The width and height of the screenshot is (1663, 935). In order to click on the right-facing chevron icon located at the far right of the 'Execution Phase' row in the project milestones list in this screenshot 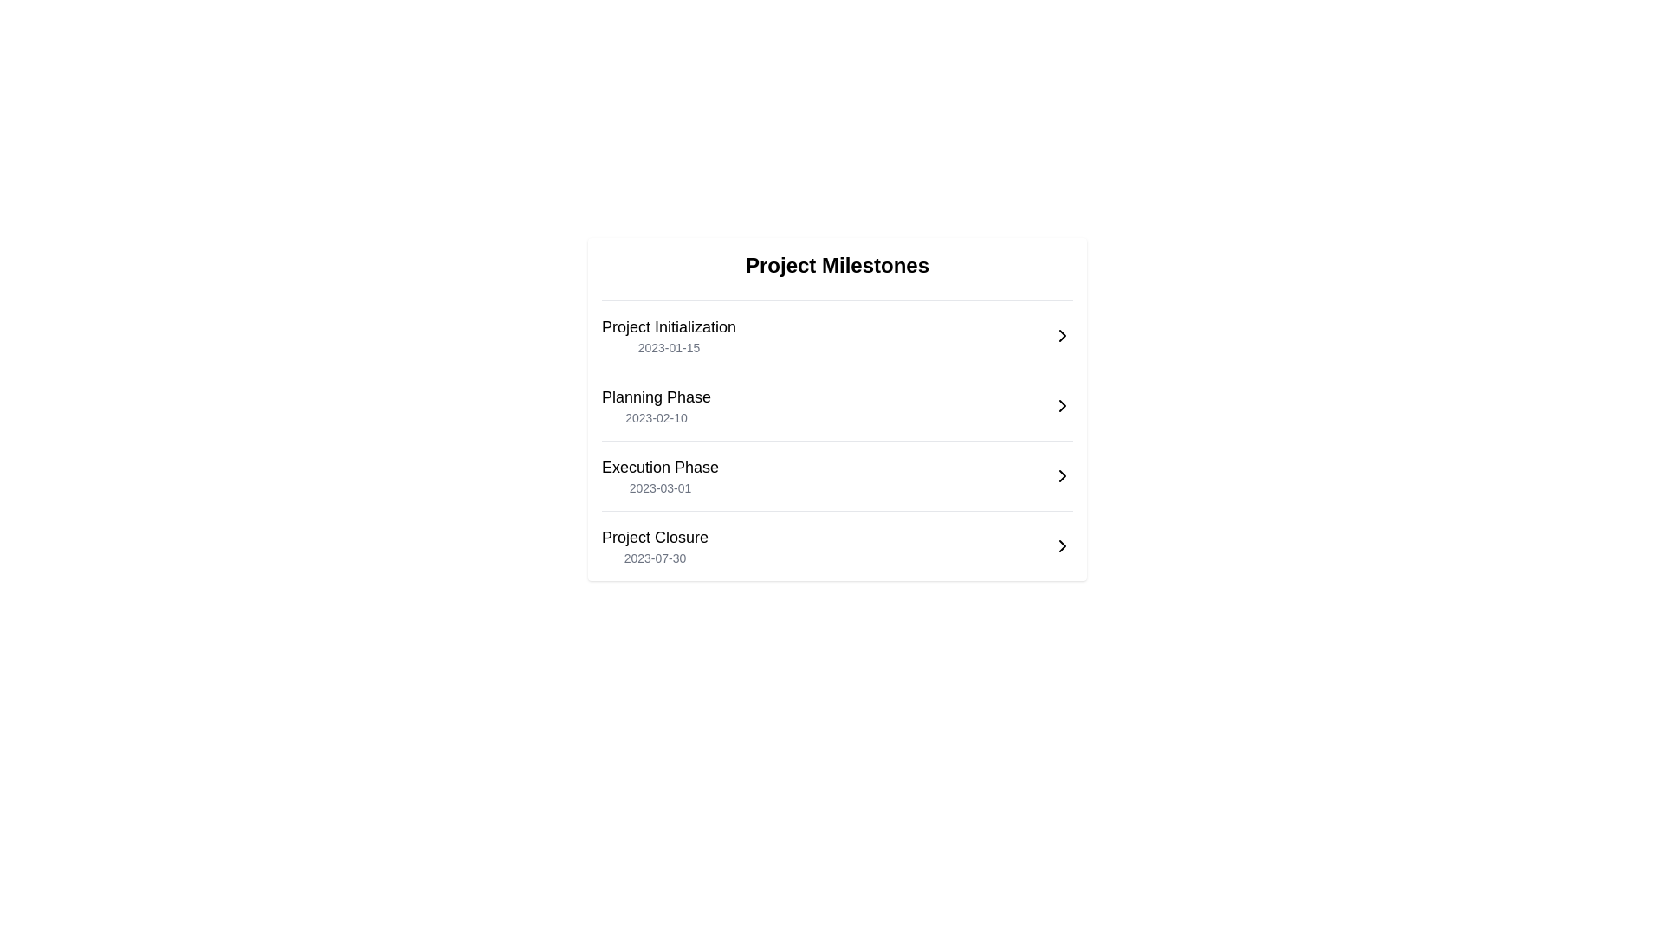, I will do `click(1062, 476)`.